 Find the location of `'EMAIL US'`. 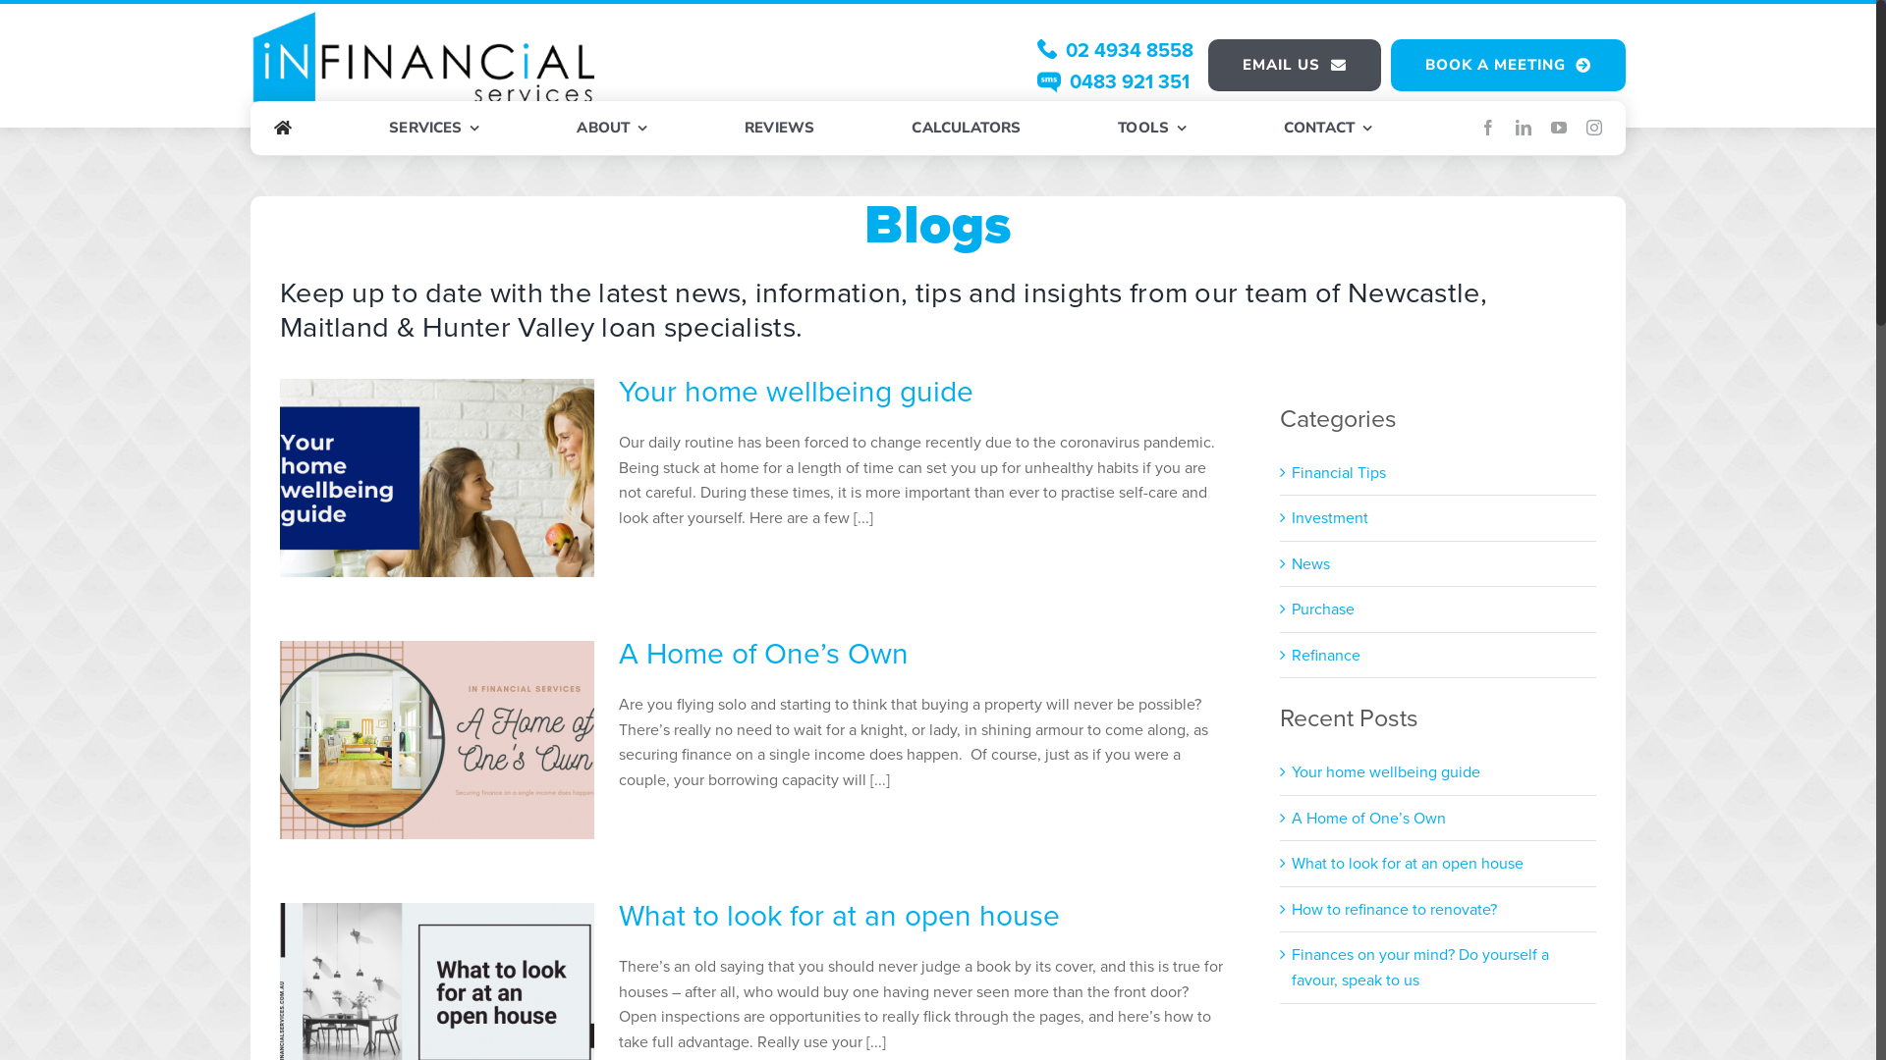

'EMAIL US' is located at coordinates (1295, 64).